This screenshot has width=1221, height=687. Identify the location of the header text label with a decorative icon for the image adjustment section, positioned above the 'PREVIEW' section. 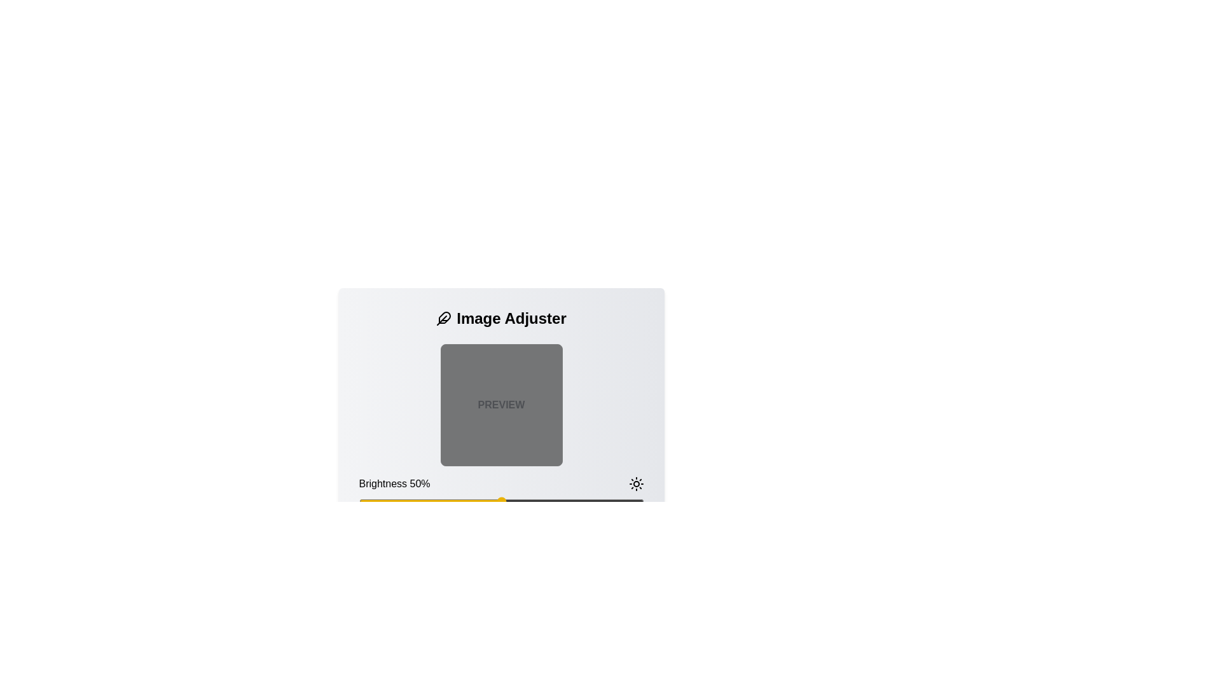
(500, 318).